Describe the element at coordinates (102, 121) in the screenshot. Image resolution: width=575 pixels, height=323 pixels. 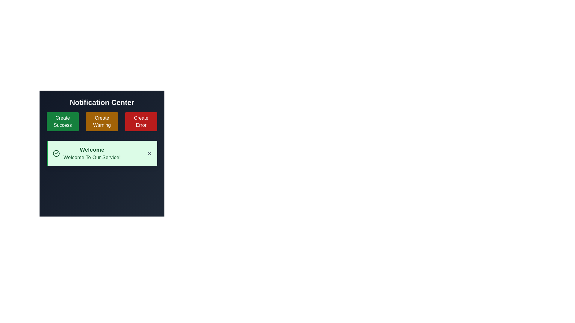
I see `the middle button in the horizontal grid layout, which is associated with triggering a warning notification` at that location.